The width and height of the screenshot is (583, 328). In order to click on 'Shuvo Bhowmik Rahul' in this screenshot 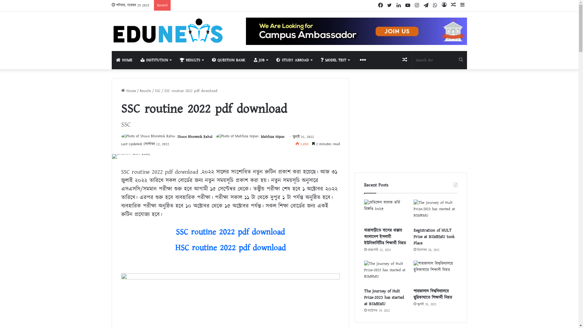, I will do `click(195, 137)`.